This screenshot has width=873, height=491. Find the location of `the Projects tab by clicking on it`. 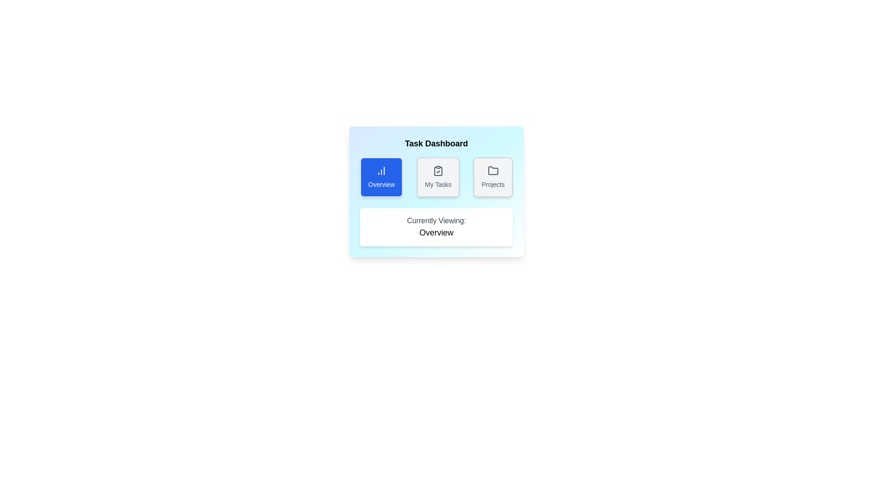

the Projects tab by clicking on it is located at coordinates (492, 177).